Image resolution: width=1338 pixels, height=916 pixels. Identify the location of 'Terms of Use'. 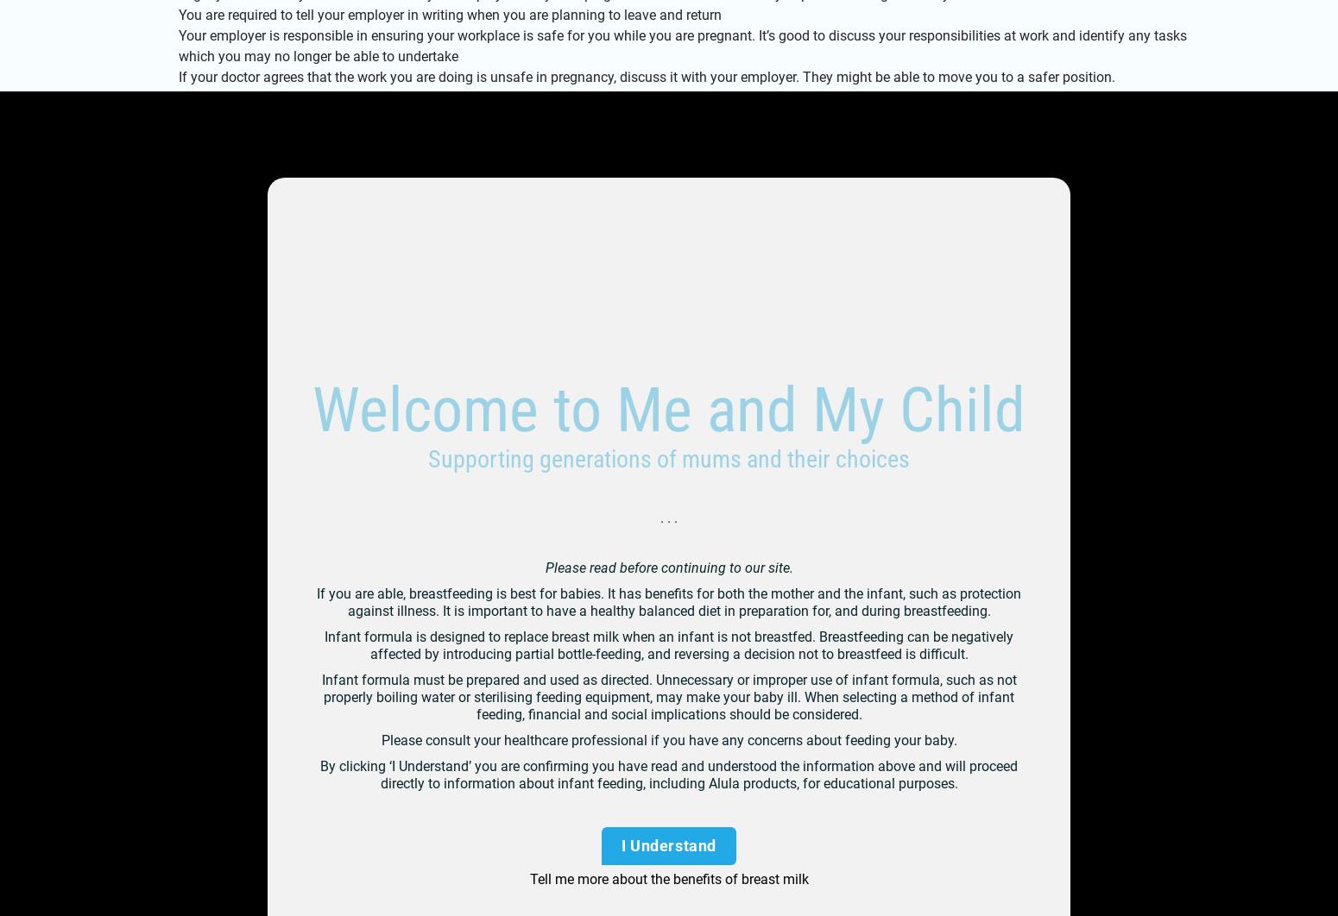
(461, 595).